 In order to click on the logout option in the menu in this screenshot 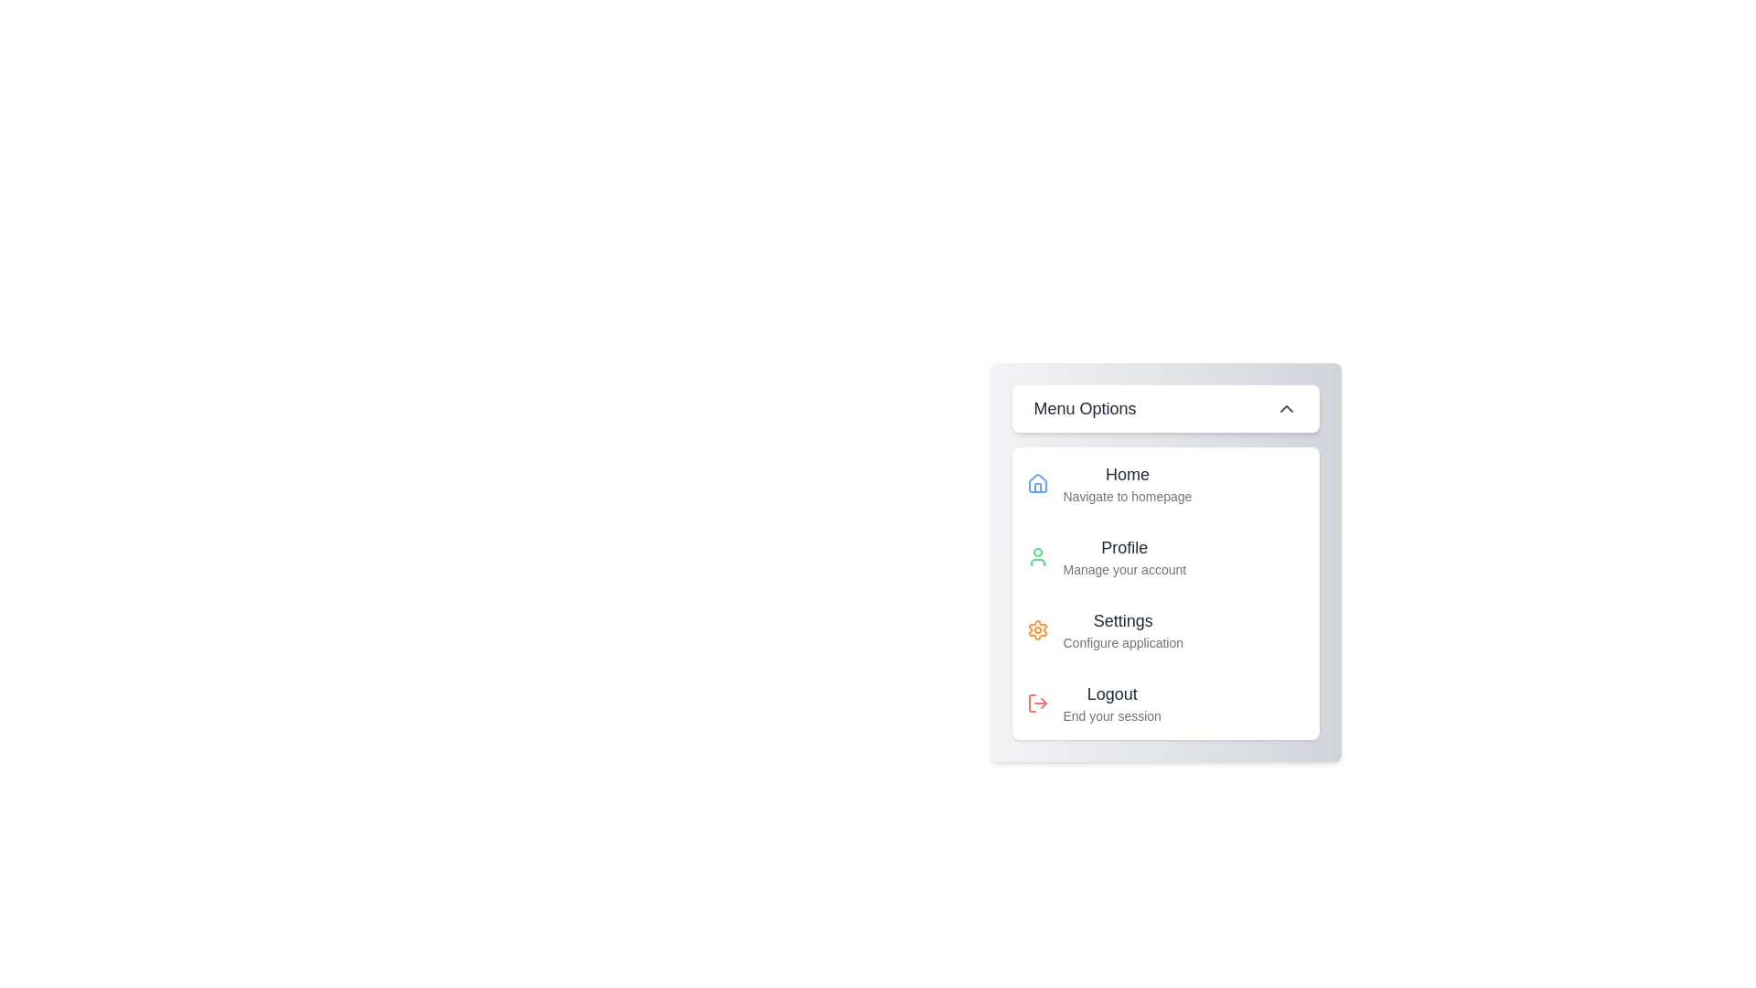, I will do `click(1111, 702)`.